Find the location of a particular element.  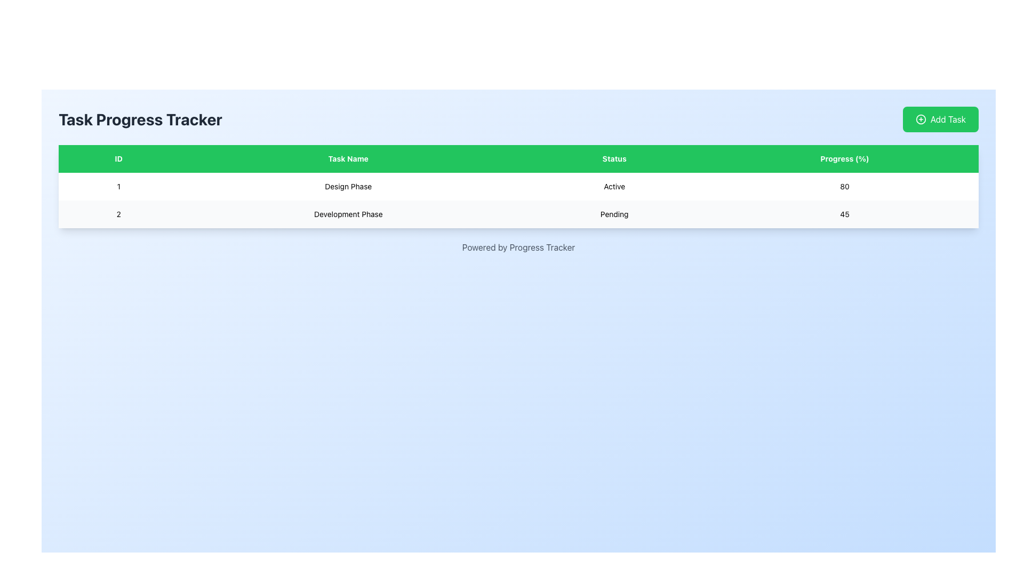

the circular icon with a plus sign inside, which is located to the left of the 'Add Task' button, to interact with the button it accompanies is located at coordinates (920, 119).